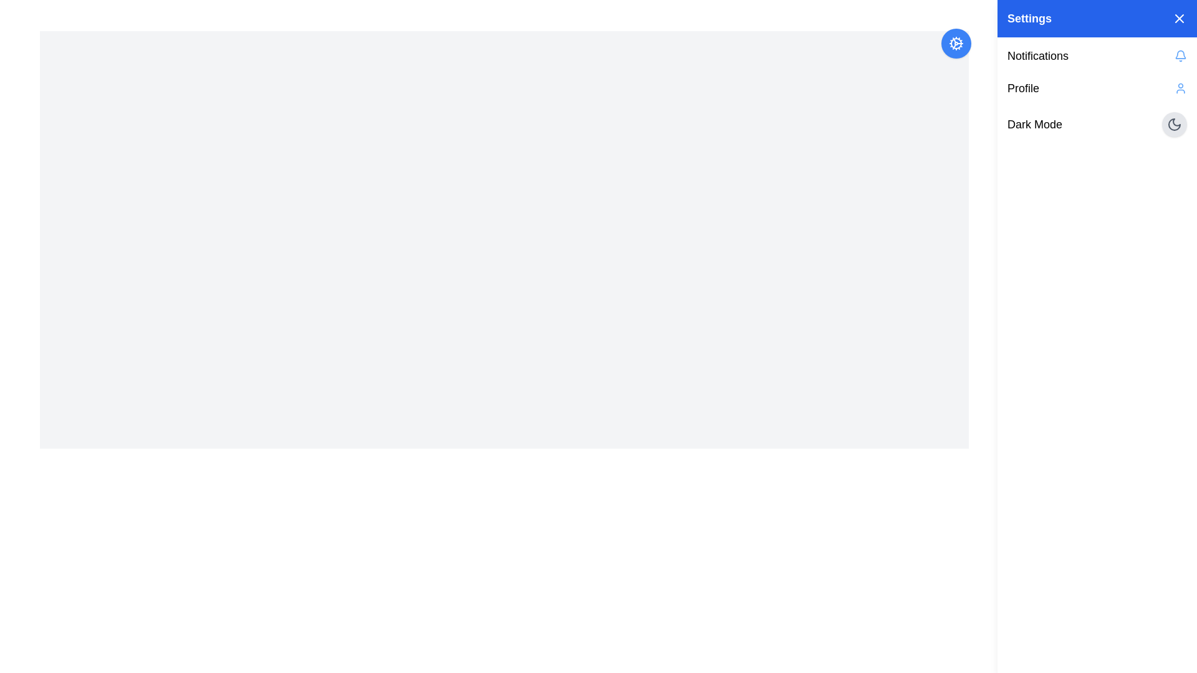  What do you see at coordinates (956, 42) in the screenshot?
I see `the settings cogwheel icon located in the top-right corner of the application interface` at bounding box center [956, 42].